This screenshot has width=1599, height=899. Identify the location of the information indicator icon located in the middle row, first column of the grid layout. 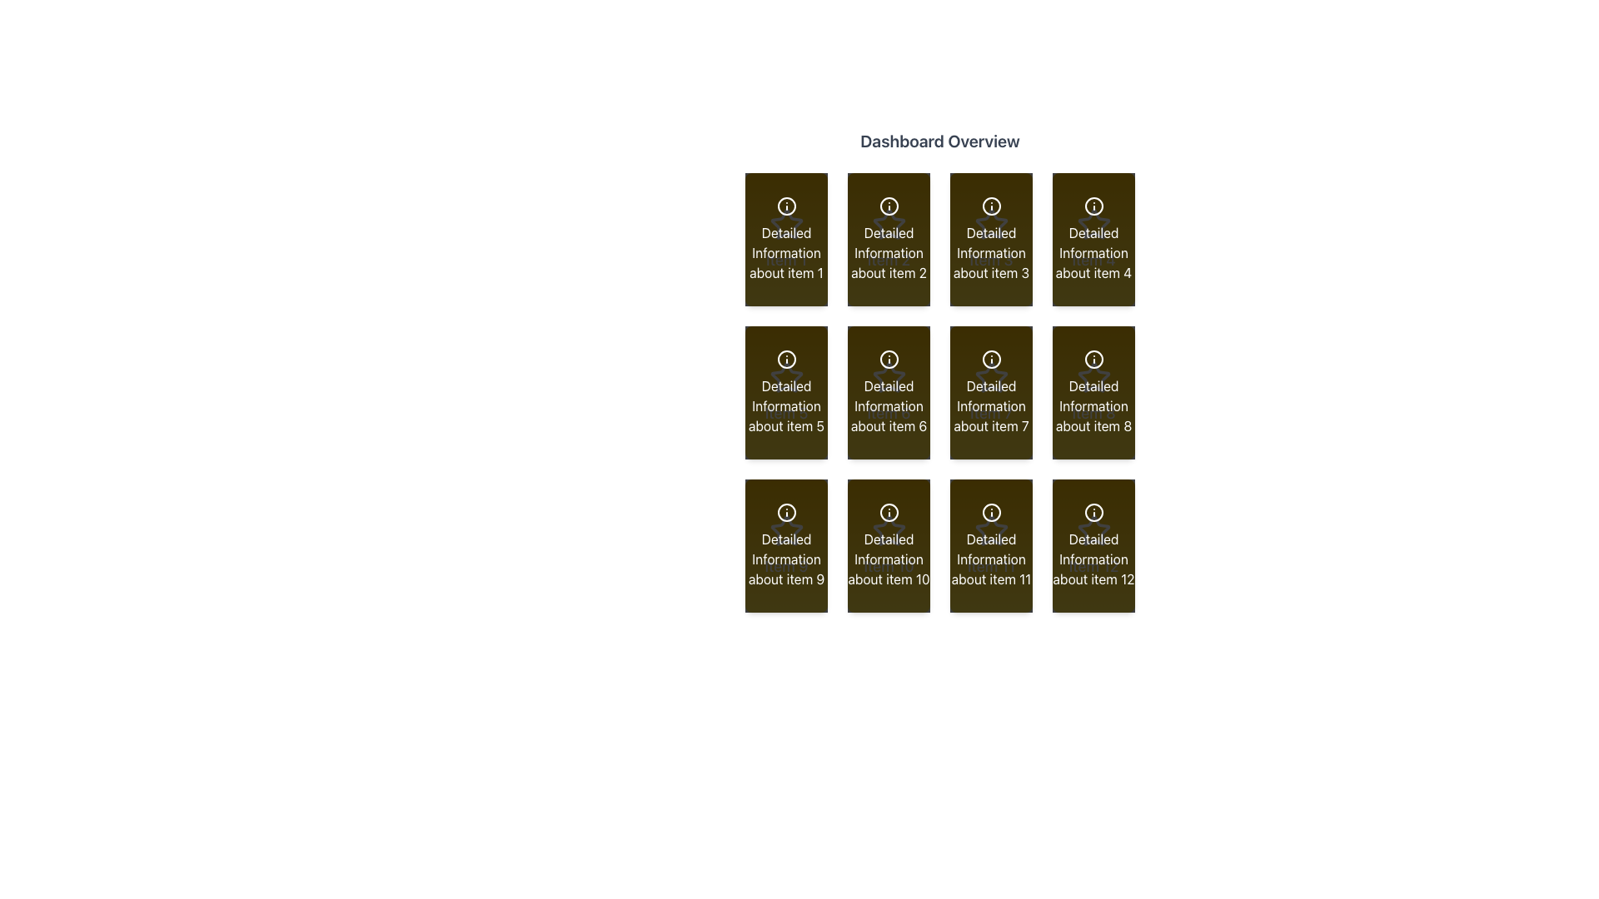
(785, 359).